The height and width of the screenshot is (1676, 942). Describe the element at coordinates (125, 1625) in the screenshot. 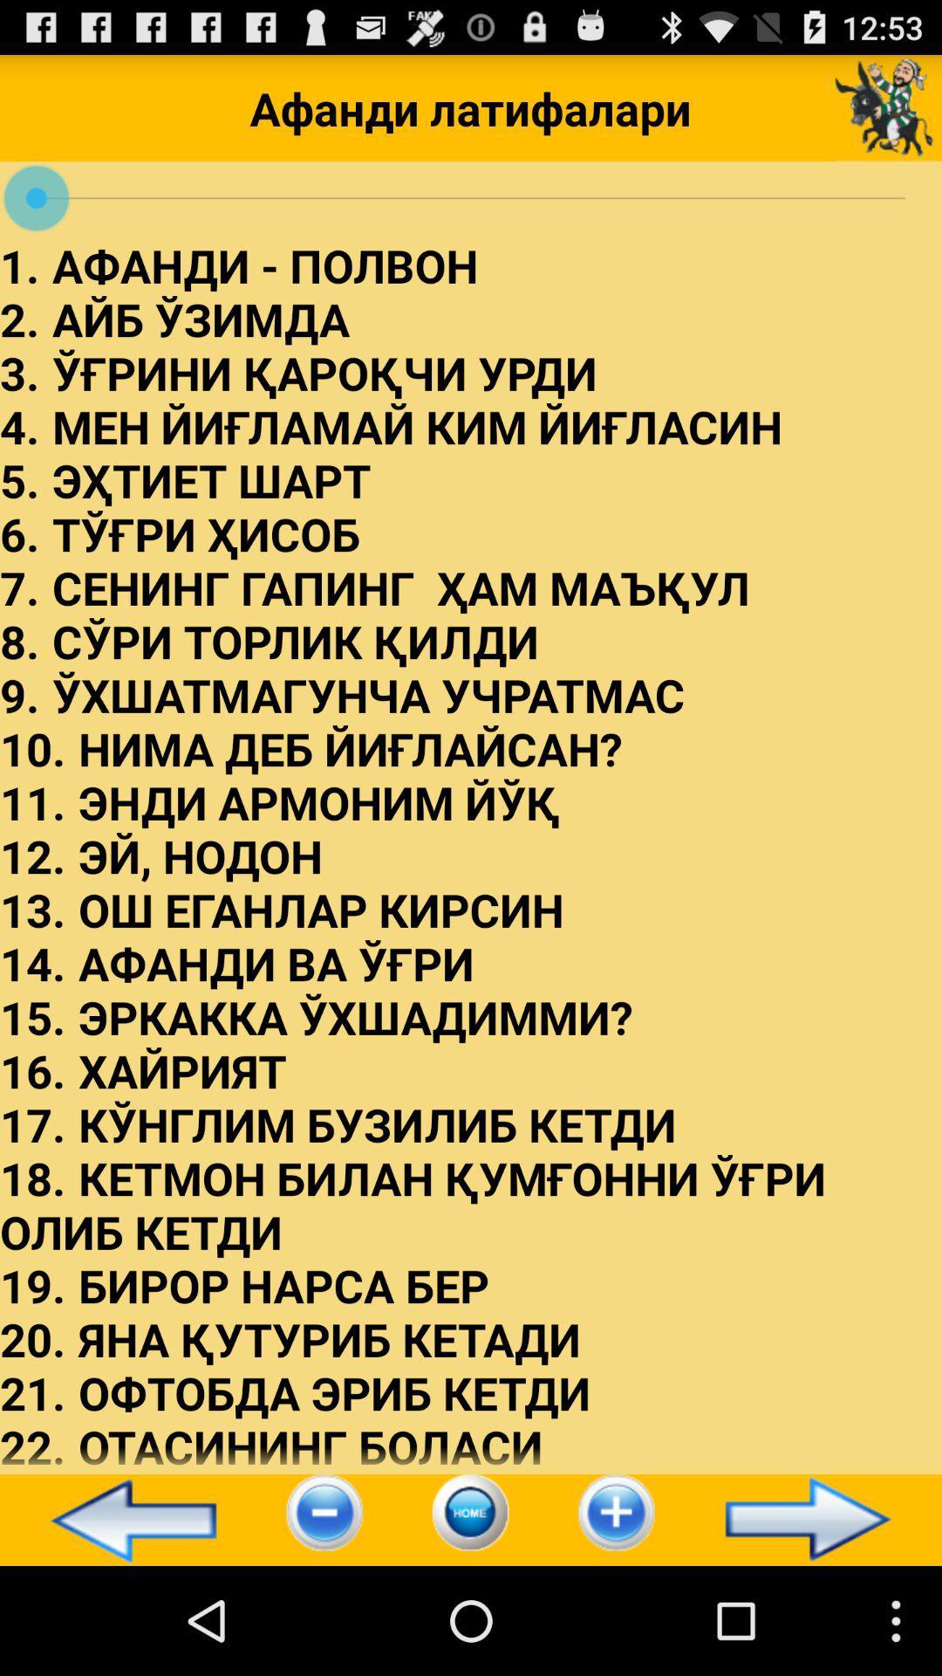

I see `the arrow_backward icon` at that location.